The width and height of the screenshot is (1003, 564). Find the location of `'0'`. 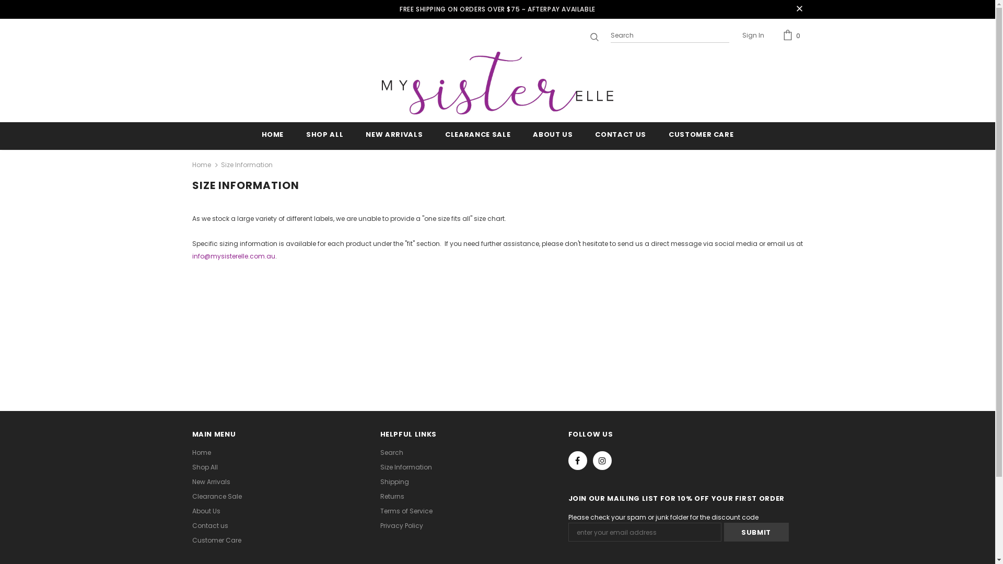

'0' is located at coordinates (792, 35).